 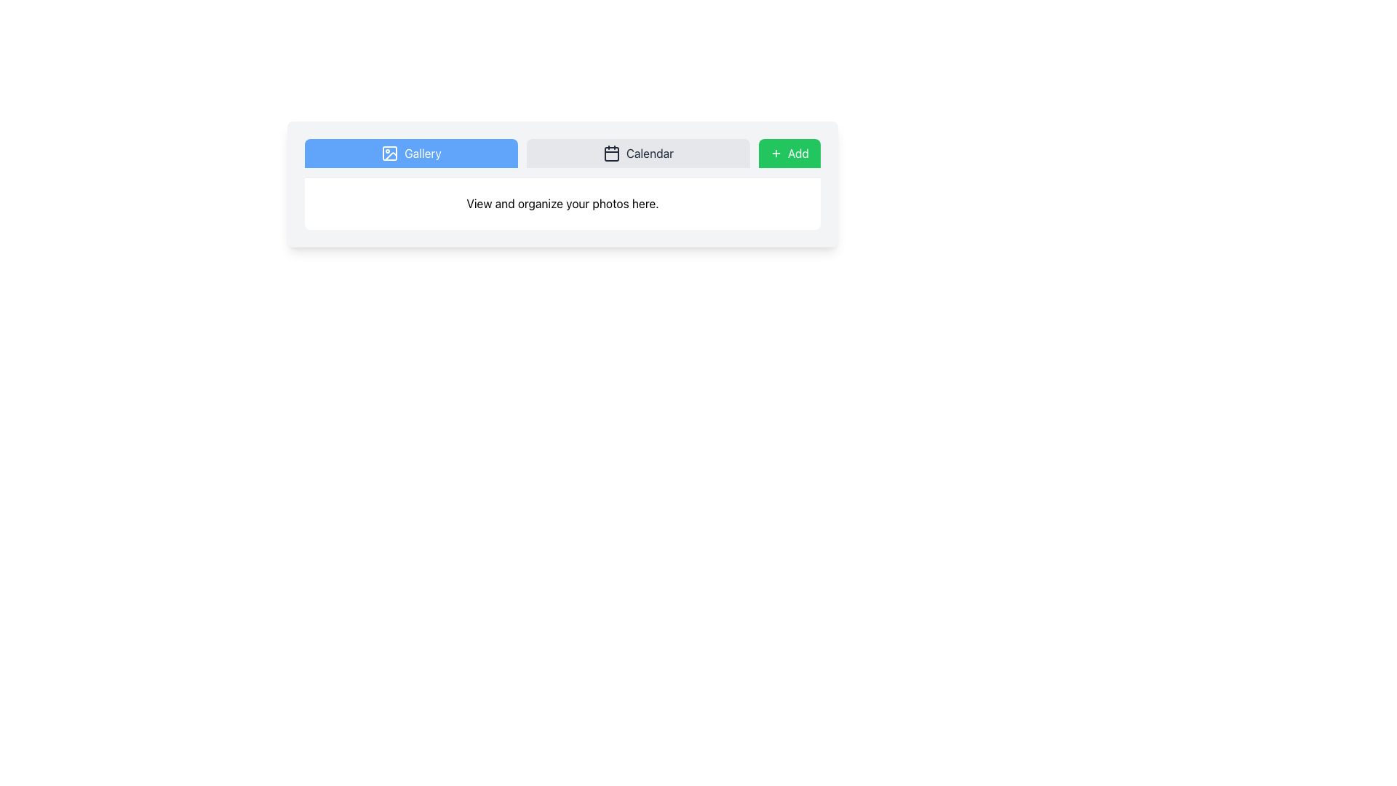 What do you see at coordinates (390, 154) in the screenshot?
I see `the Gallery button which contains a small, rounded rectangle with a light blue stroke, located at the top center of the interface` at bounding box center [390, 154].